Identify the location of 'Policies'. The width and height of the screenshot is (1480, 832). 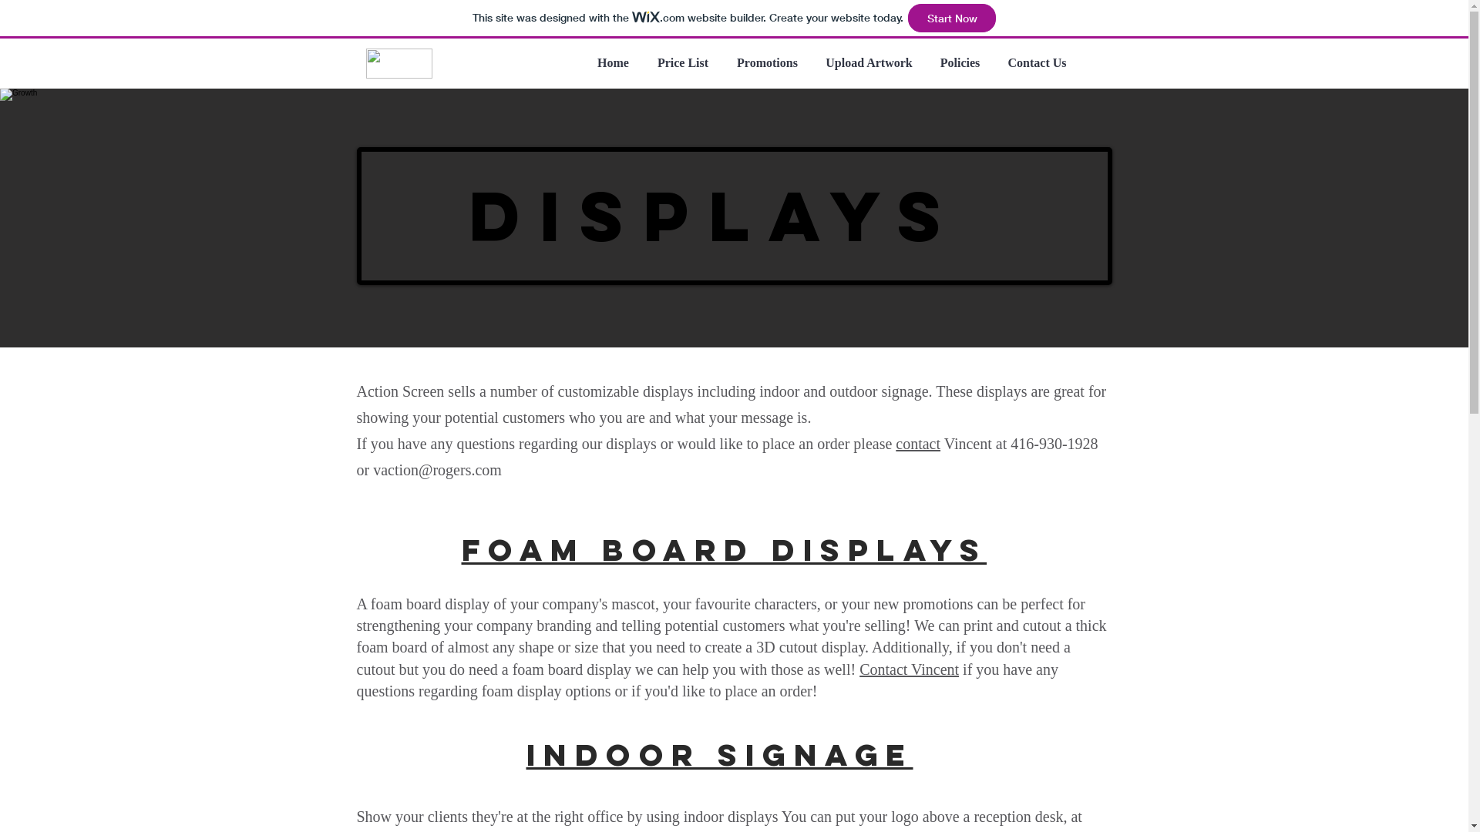
(960, 62).